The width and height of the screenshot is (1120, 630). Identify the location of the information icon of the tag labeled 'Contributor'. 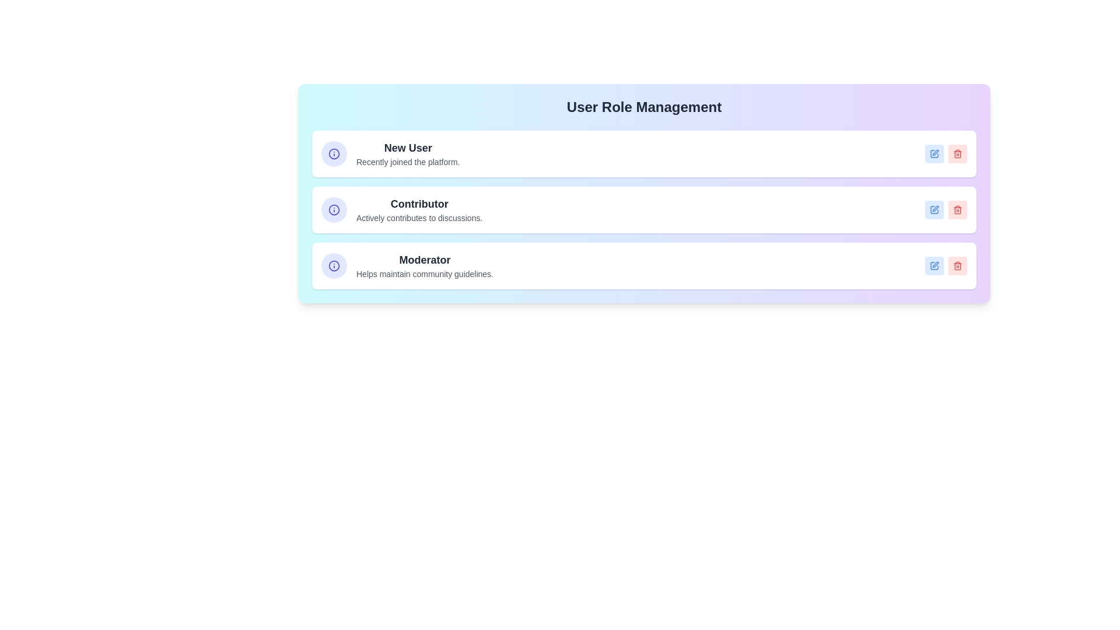
(333, 209).